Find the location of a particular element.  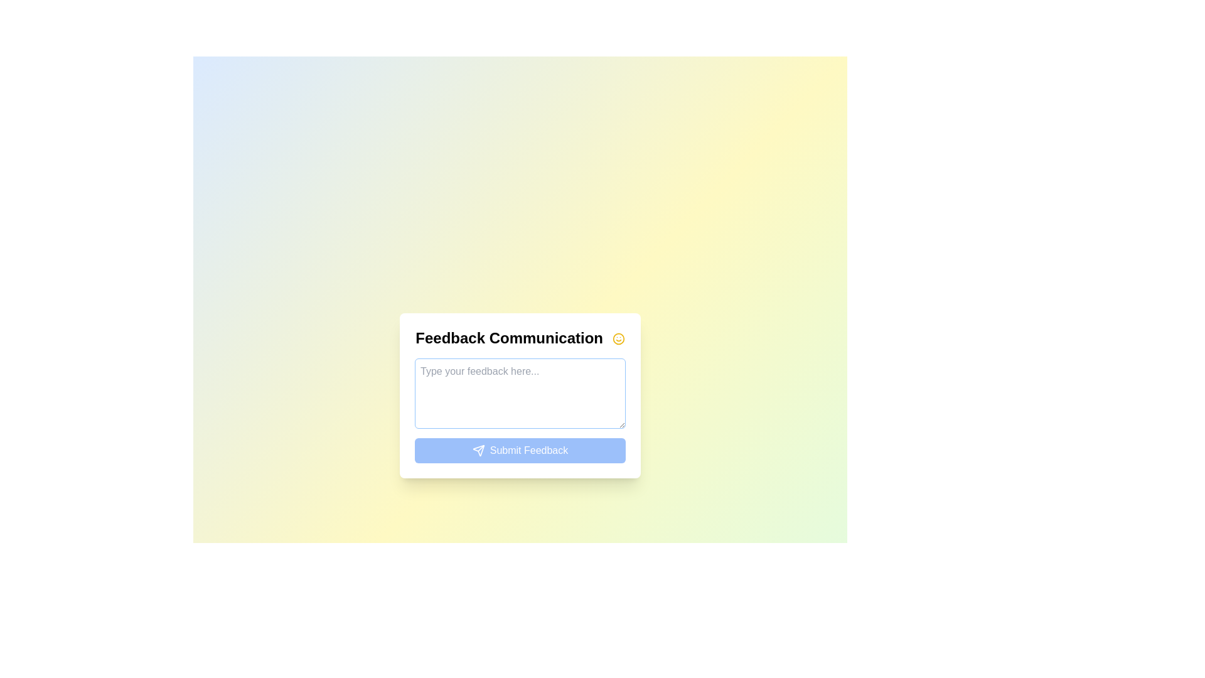

the 'Submit Feedback' button which contains a triangular 'send' icon on its left side is located at coordinates (478, 449).